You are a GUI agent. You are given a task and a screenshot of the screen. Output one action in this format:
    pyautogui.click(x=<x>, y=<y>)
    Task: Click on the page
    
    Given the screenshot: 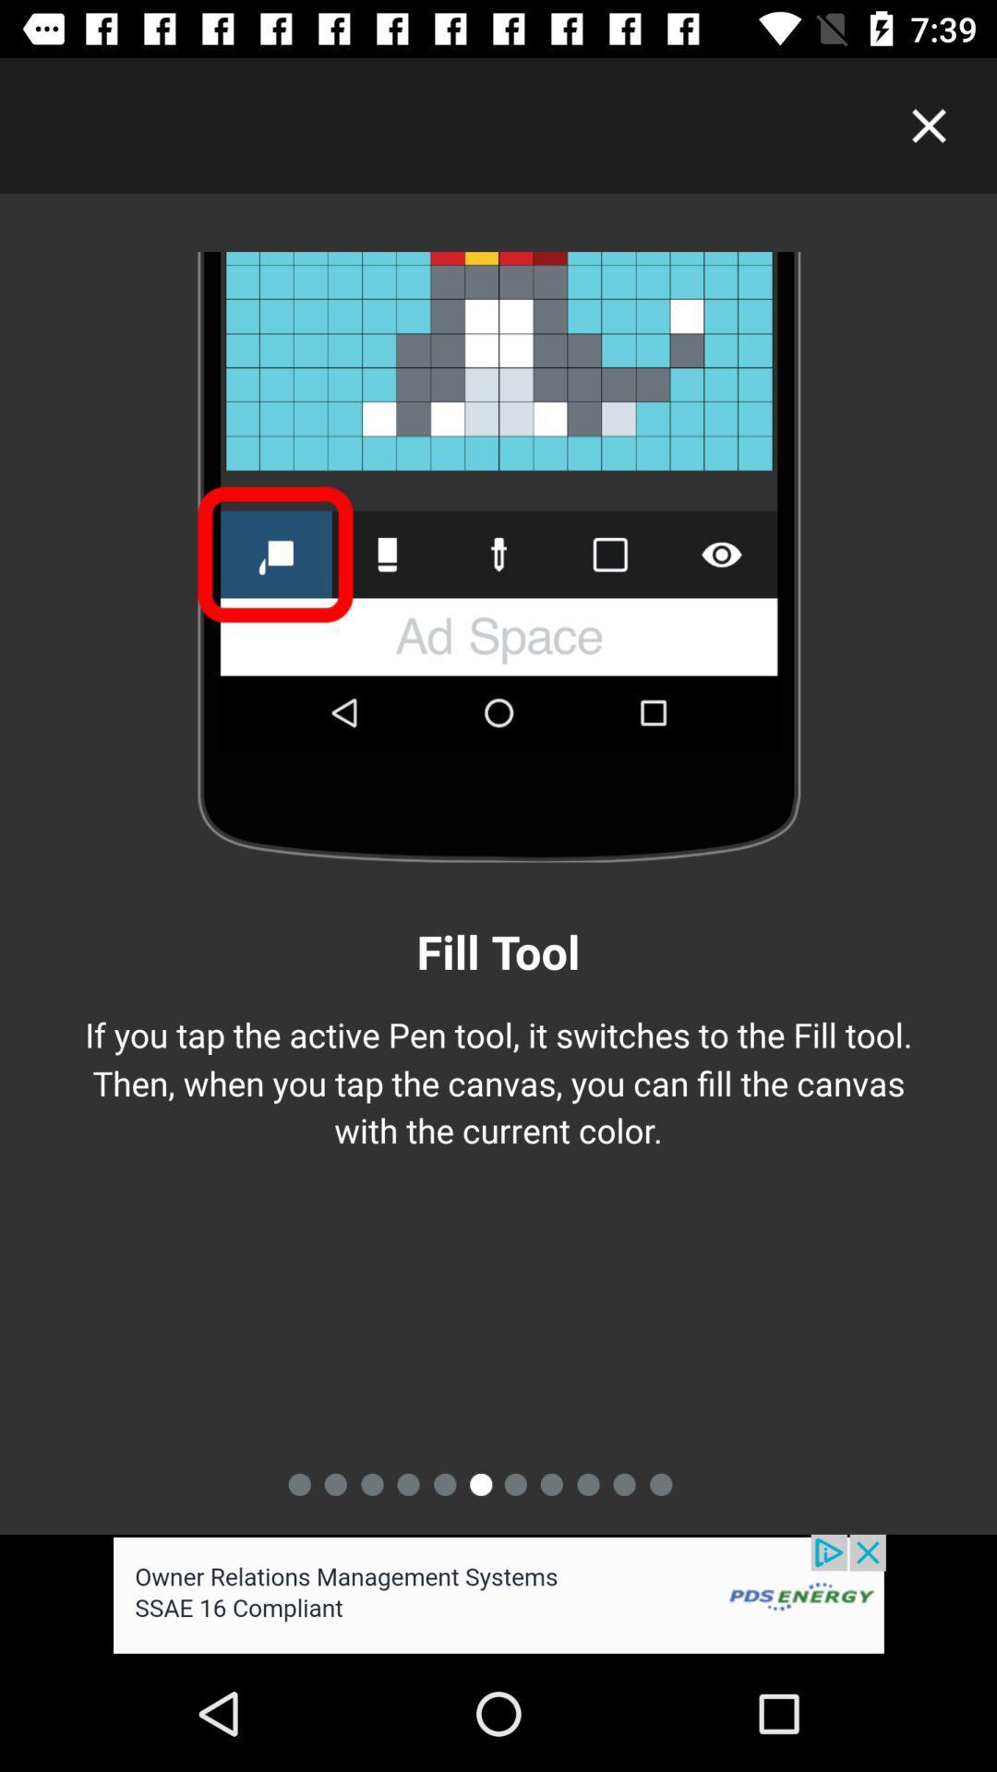 What is the action you would take?
    pyautogui.click(x=929, y=125)
    